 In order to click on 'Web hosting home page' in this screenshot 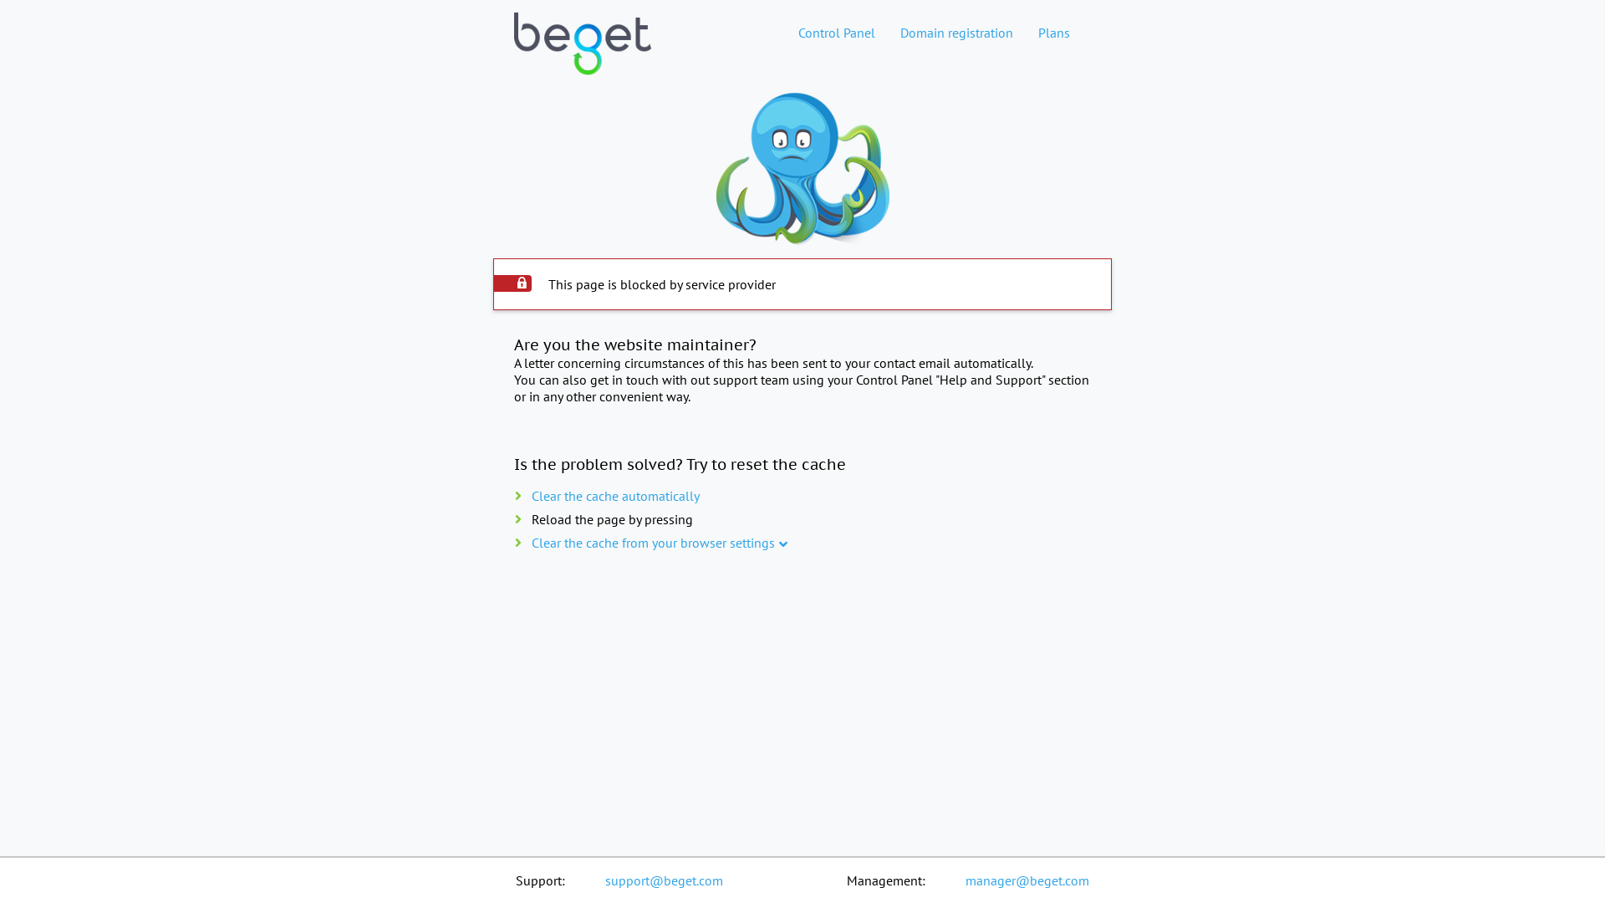, I will do `click(582, 57)`.